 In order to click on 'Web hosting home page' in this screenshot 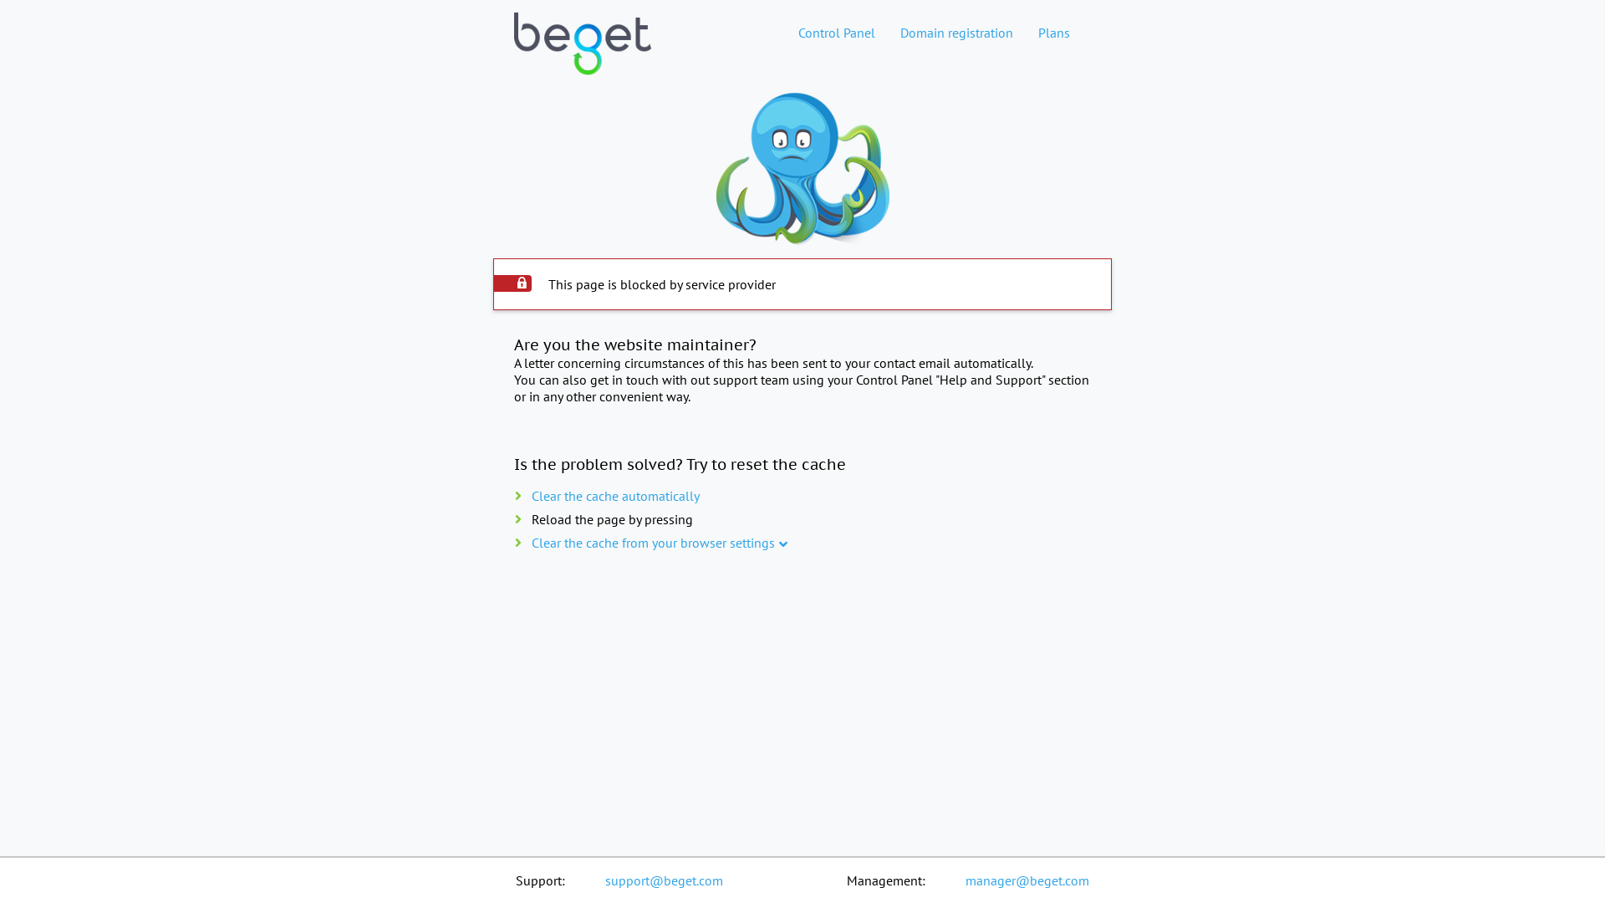, I will do `click(582, 57)`.